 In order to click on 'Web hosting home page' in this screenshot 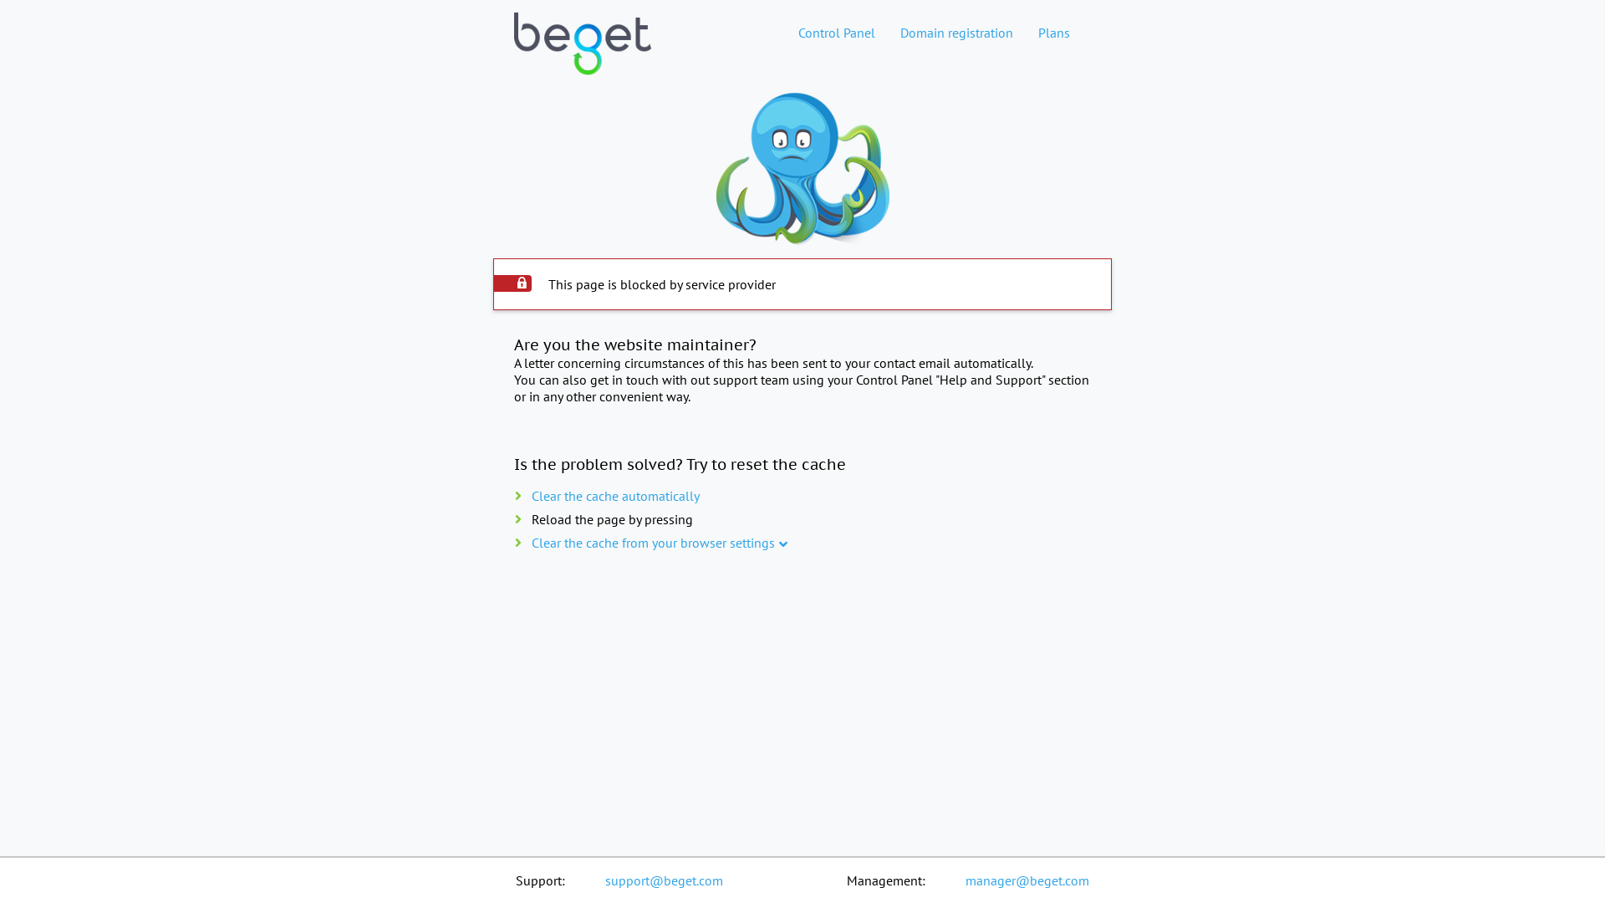, I will do `click(582, 57)`.